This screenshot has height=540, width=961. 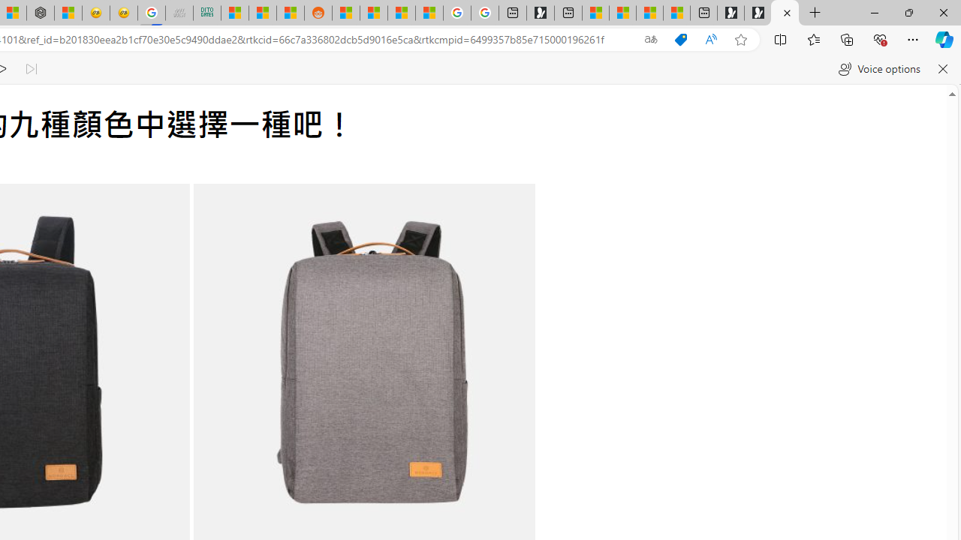 I want to click on 'Nordace - #1 Japanese Best-Seller - Siena Smart Backpack', so click(x=40, y=13).